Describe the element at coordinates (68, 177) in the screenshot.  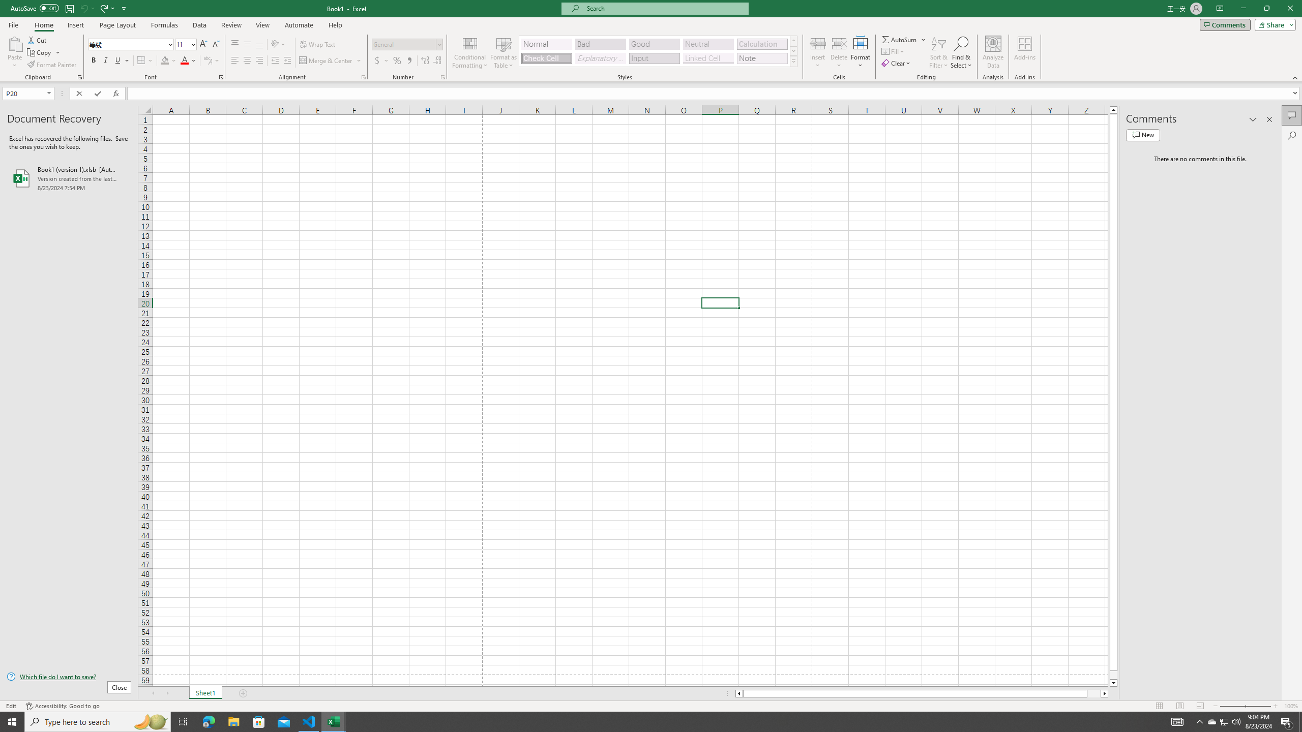
I see `'Book1 (version 1).xlsb  [AutoRecovered]'` at that location.